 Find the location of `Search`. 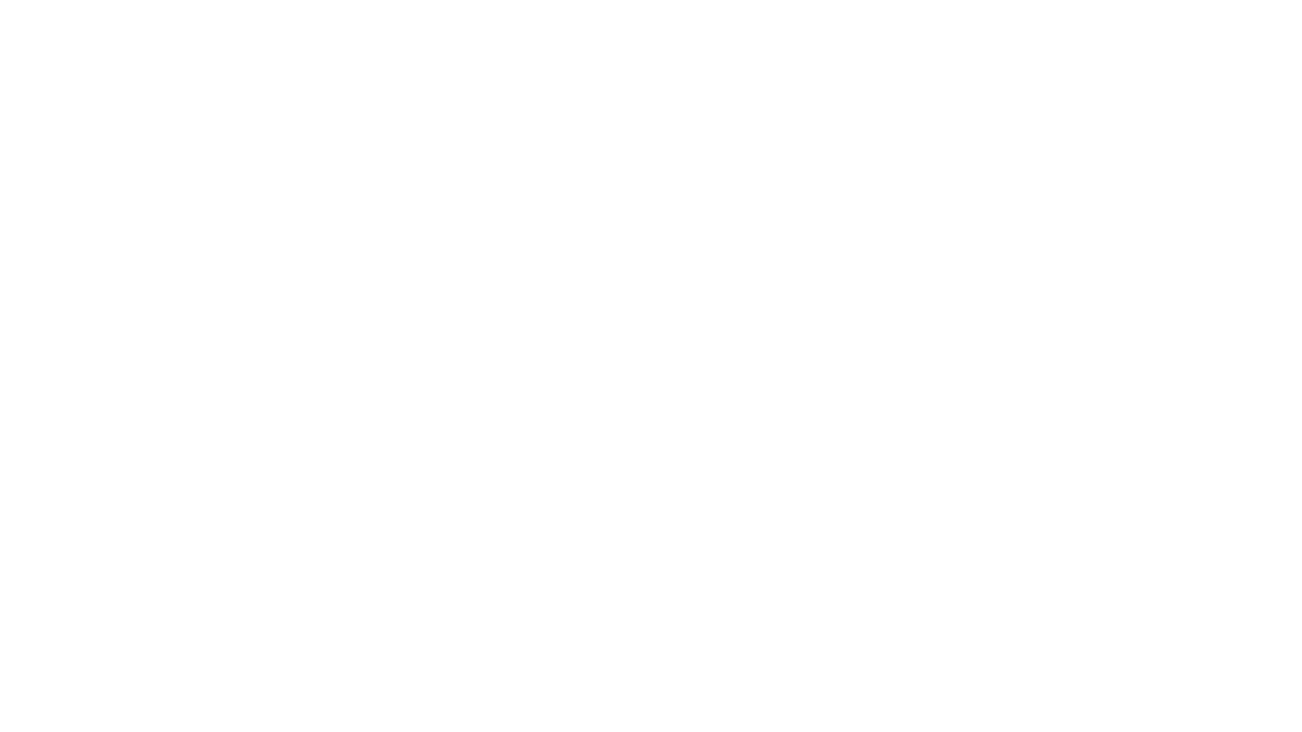

Search is located at coordinates (1027, 60).